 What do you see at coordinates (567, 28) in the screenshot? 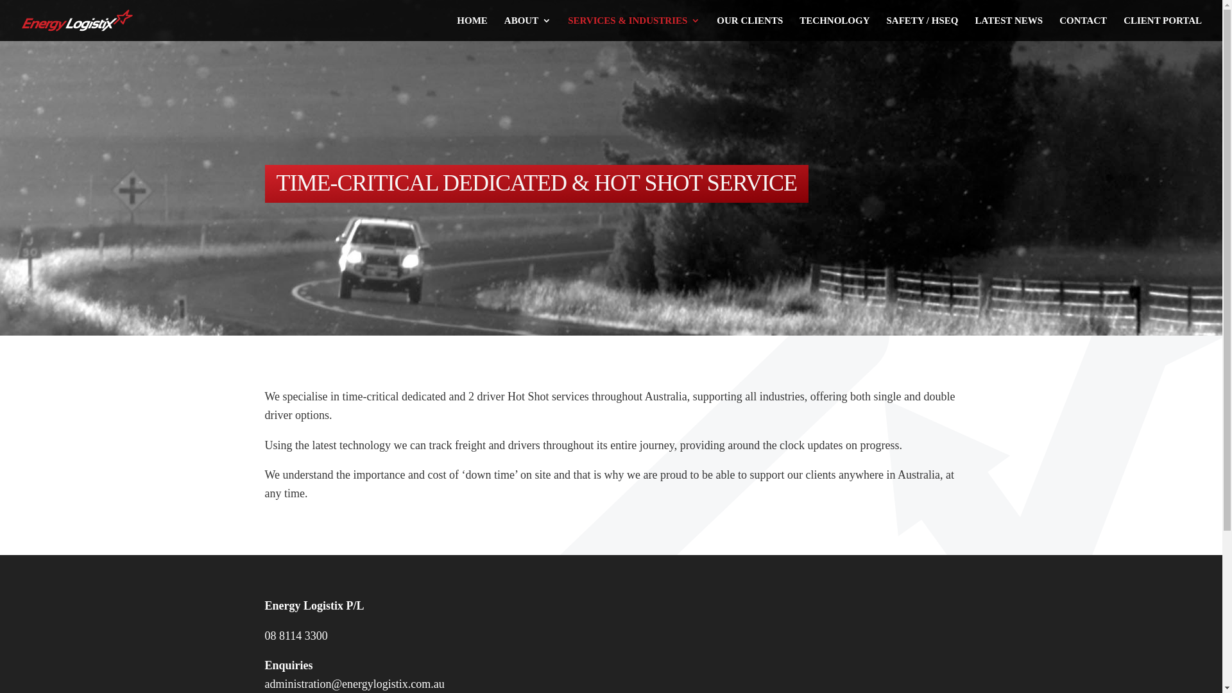
I see `'SERVICES & INDUSTRIES'` at bounding box center [567, 28].